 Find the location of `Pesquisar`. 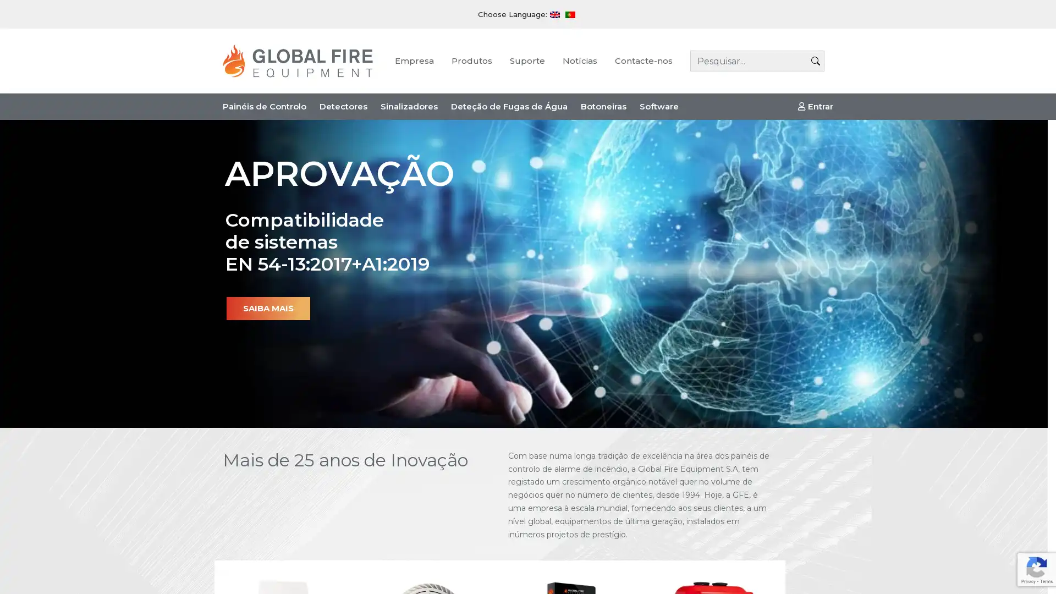

Pesquisar is located at coordinates (816, 61).